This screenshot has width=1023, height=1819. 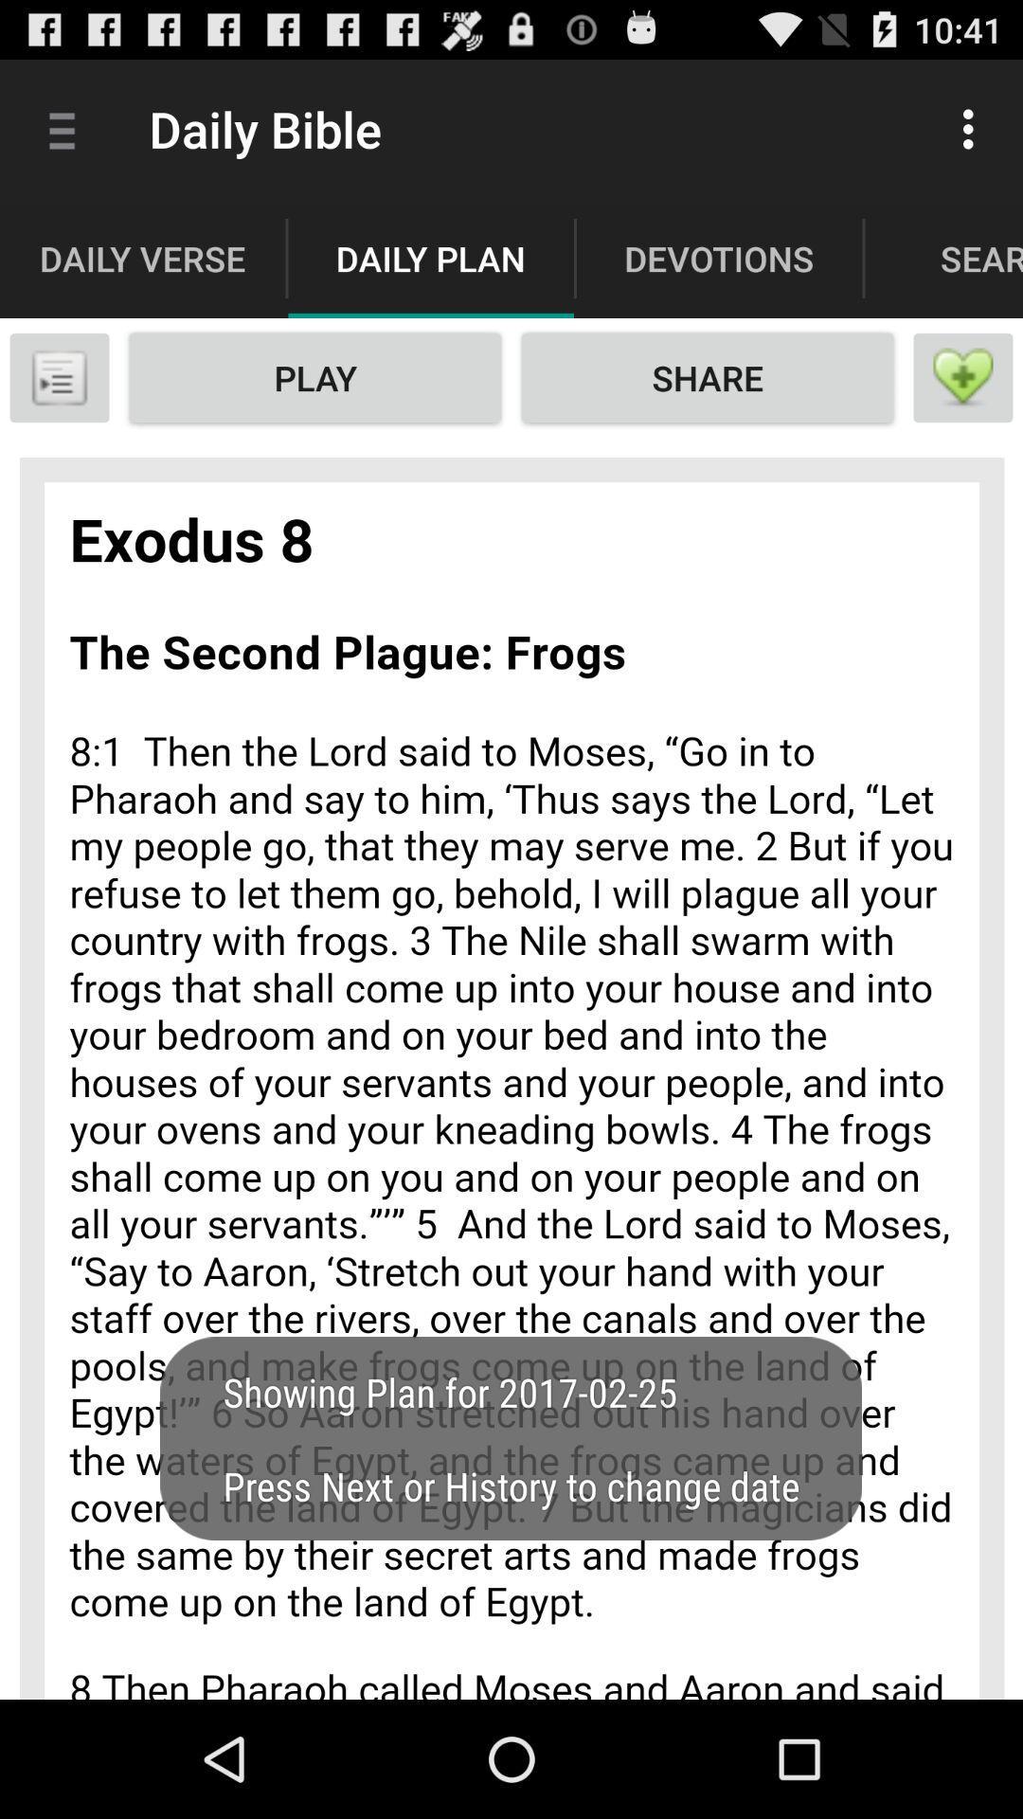 I want to click on increment button, so click(x=963, y=377).